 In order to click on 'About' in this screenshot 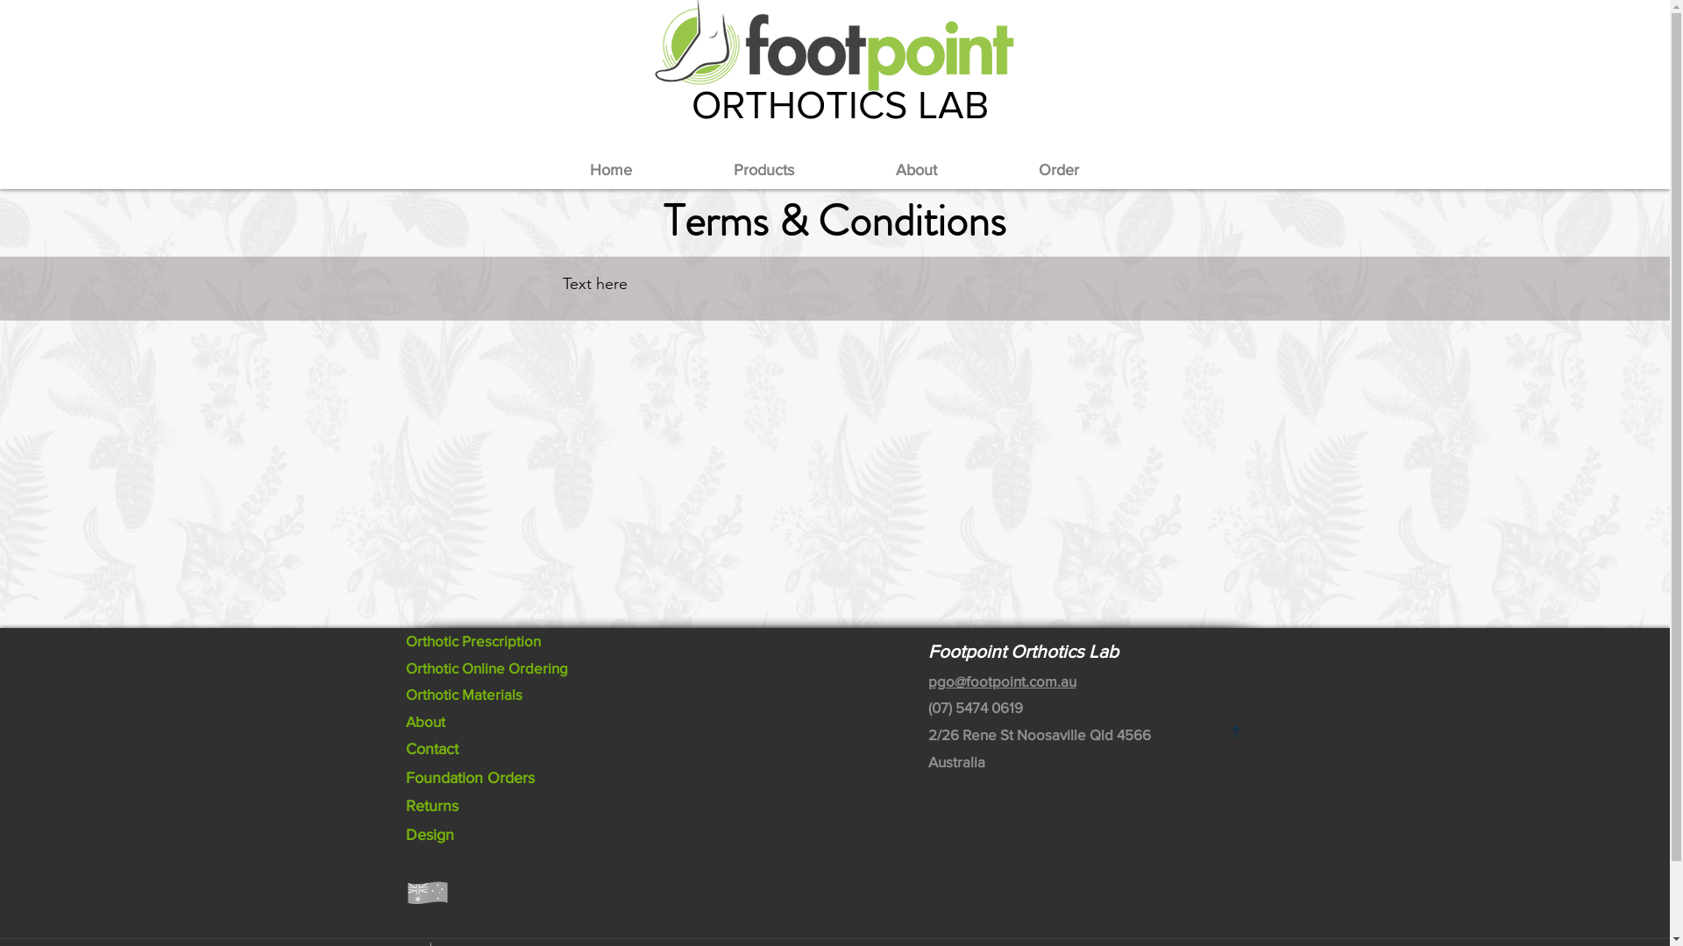, I will do `click(424, 721)`.